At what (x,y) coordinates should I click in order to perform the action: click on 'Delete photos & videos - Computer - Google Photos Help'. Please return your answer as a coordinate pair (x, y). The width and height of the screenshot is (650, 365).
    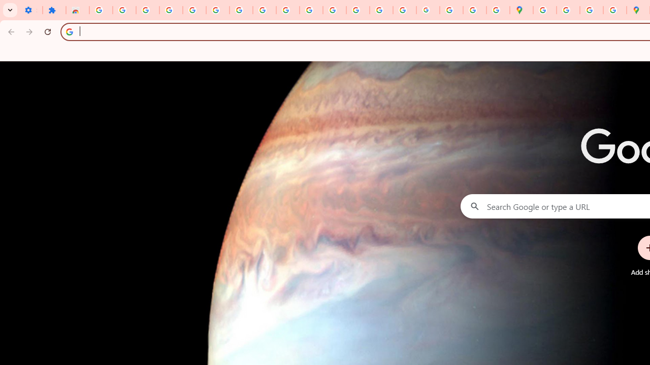
    Looking at the image, I should click on (147, 10).